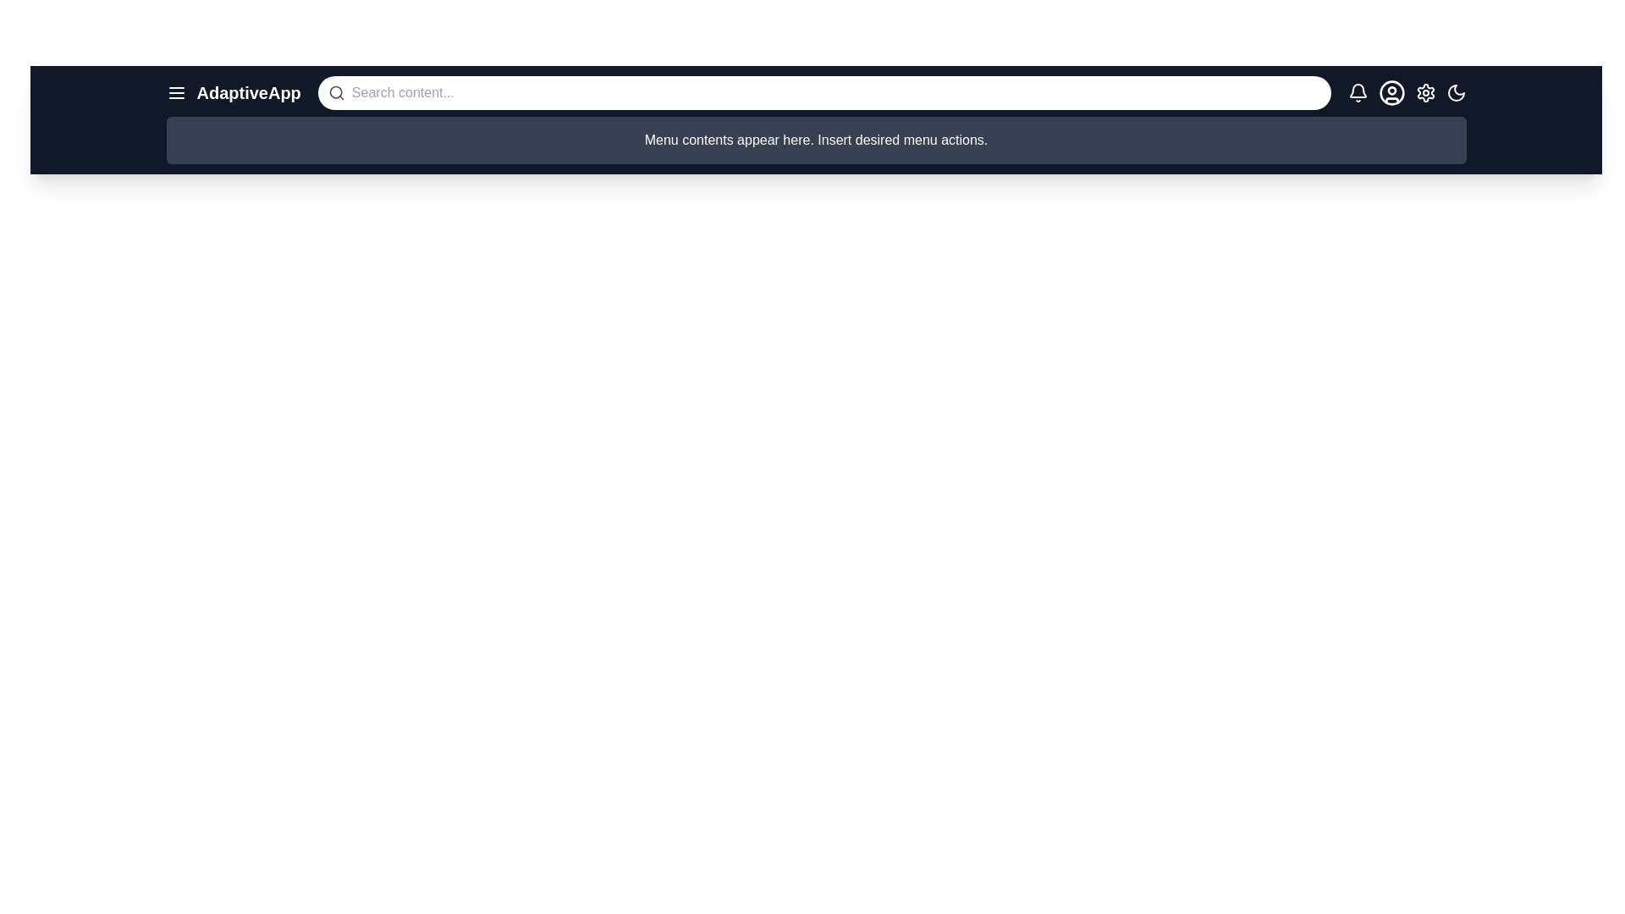 The height and width of the screenshot is (914, 1625). I want to click on the menu icon to toggle the menu visibility, so click(176, 93).